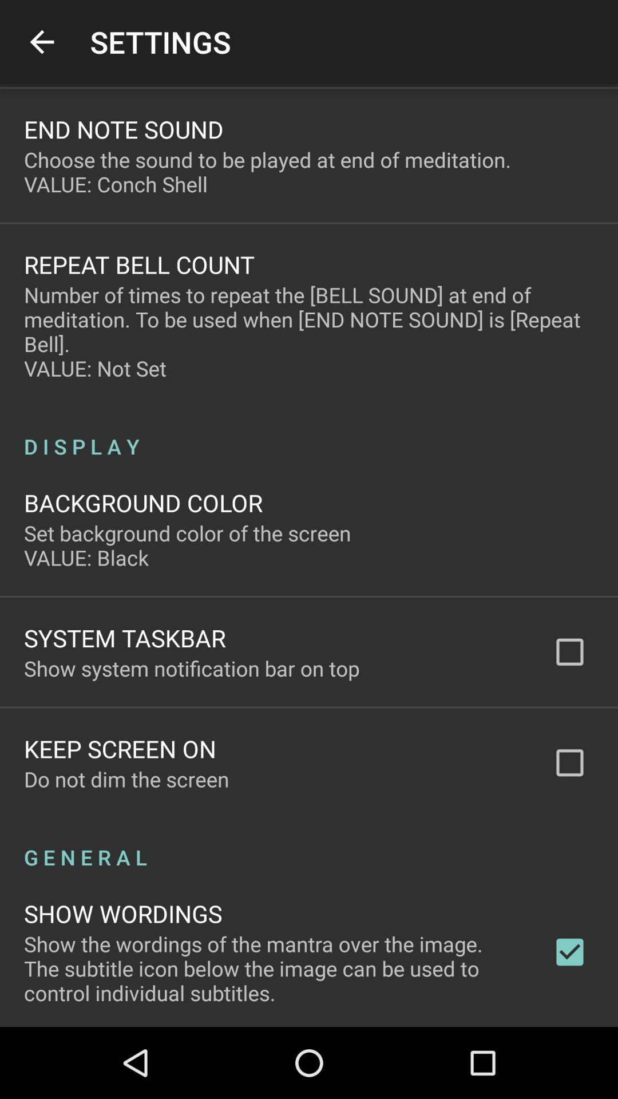 This screenshot has width=618, height=1099. Describe the element at coordinates (309, 845) in the screenshot. I see `the icon above the show wordings` at that location.